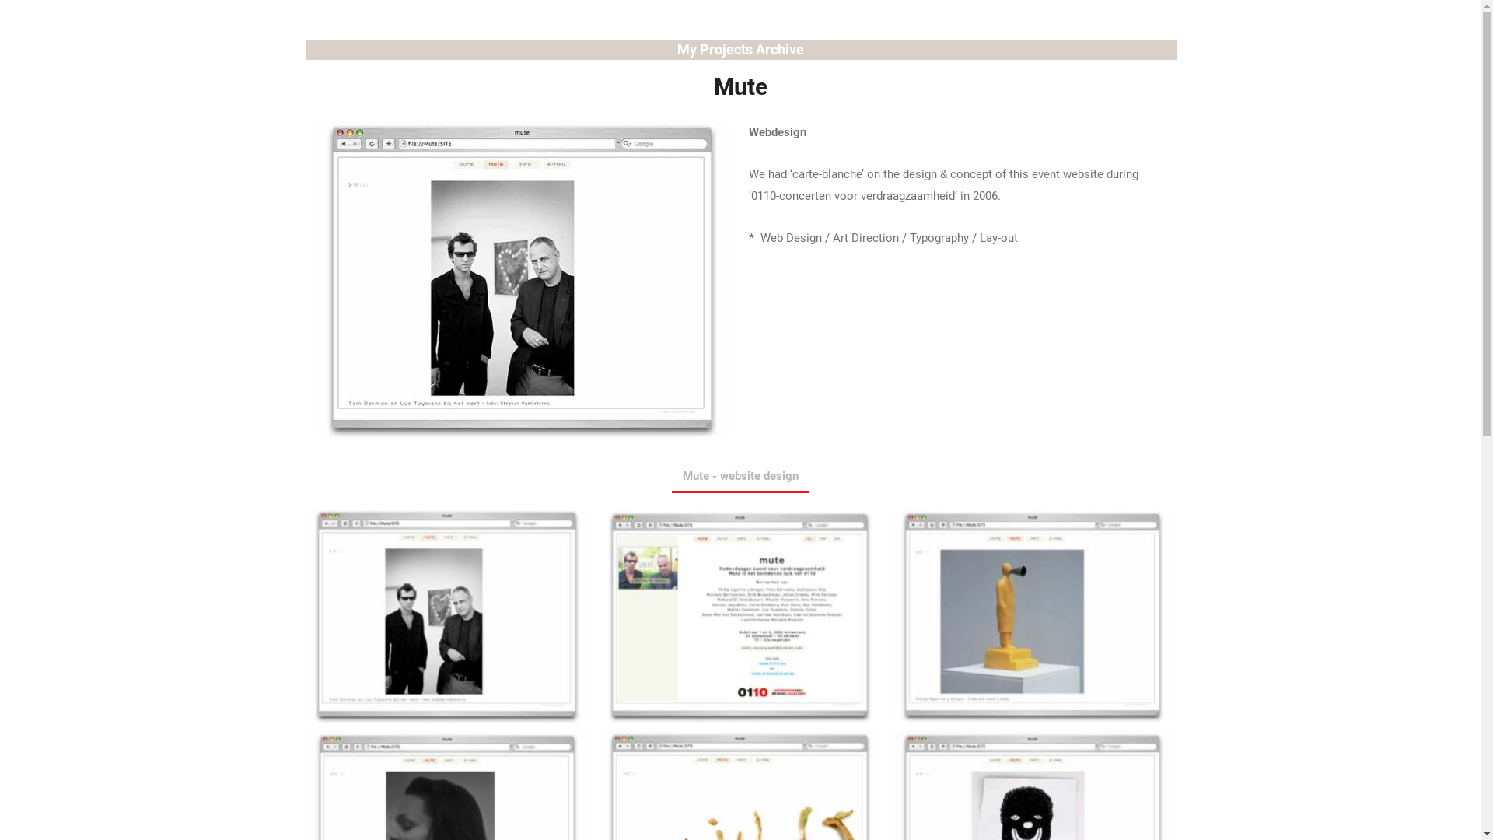 Image resolution: width=1493 pixels, height=840 pixels. Describe the element at coordinates (740, 476) in the screenshot. I see `'Mute - website design'` at that location.